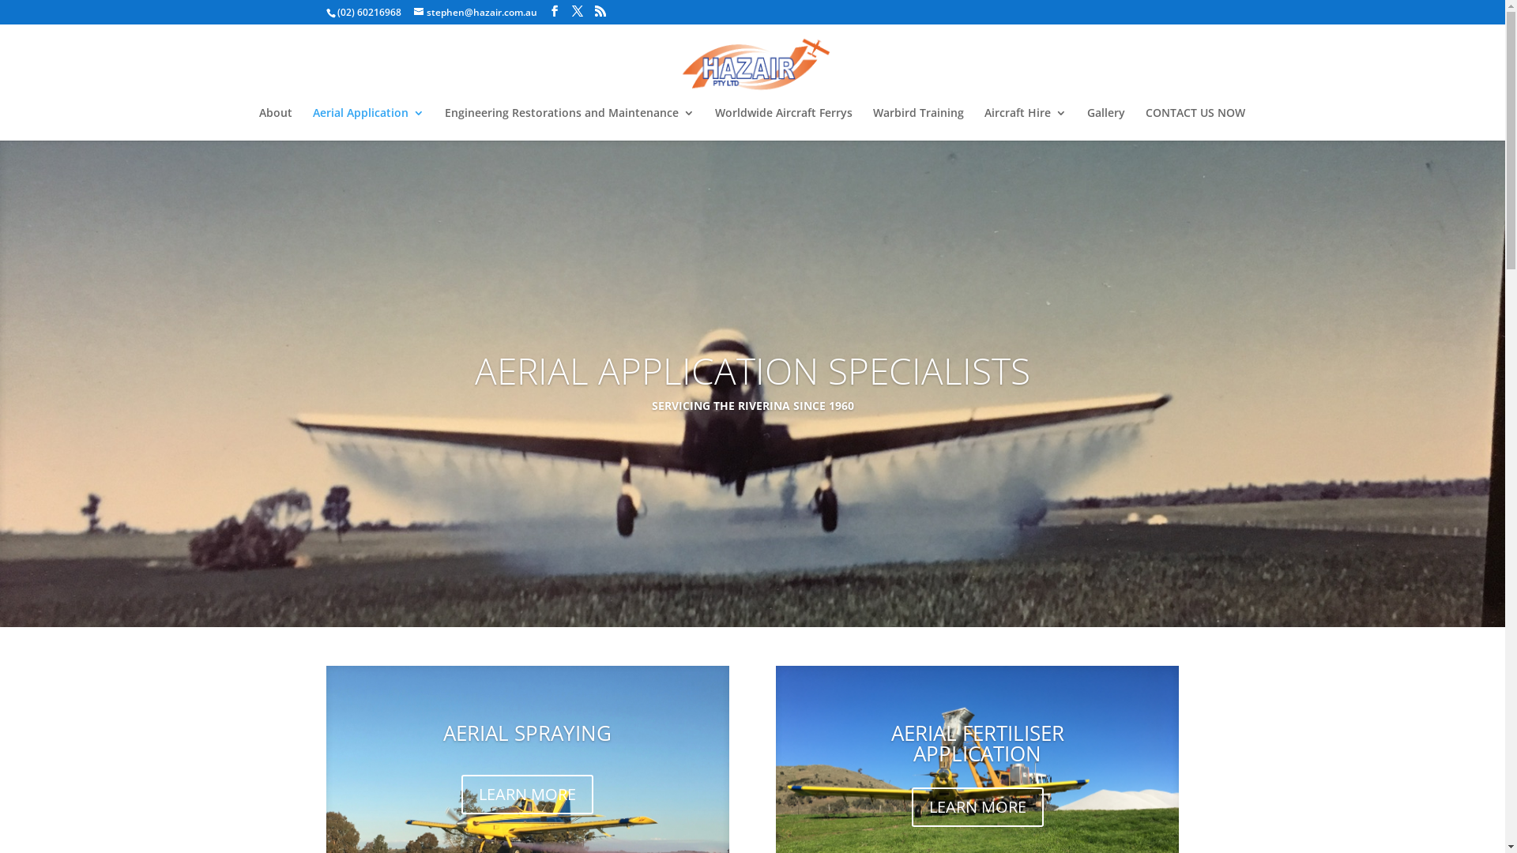 Image resolution: width=1517 pixels, height=853 pixels. What do you see at coordinates (917, 123) in the screenshot?
I see `'Warbird Training'` at bounding box center [917, 123].